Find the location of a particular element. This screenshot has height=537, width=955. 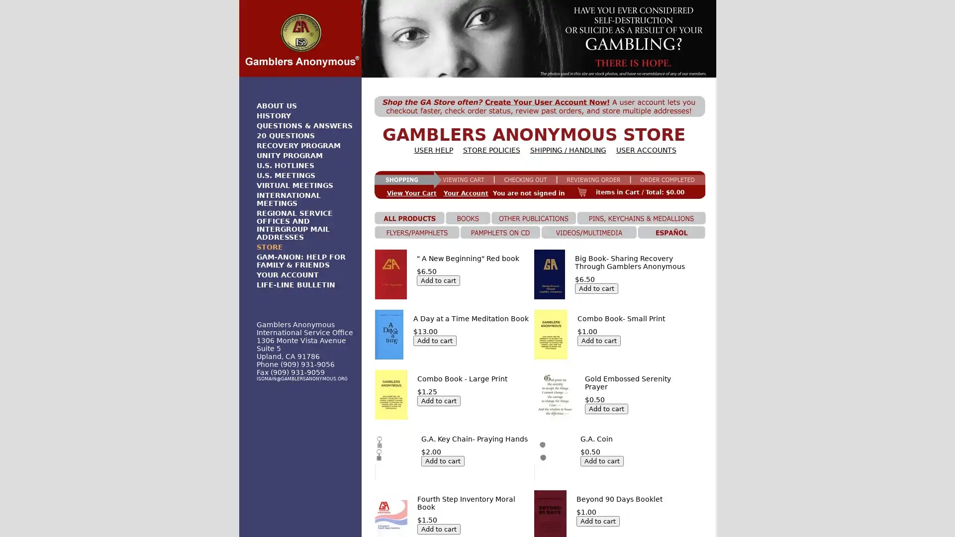

Add to cart is located at coordinates (442, 460).